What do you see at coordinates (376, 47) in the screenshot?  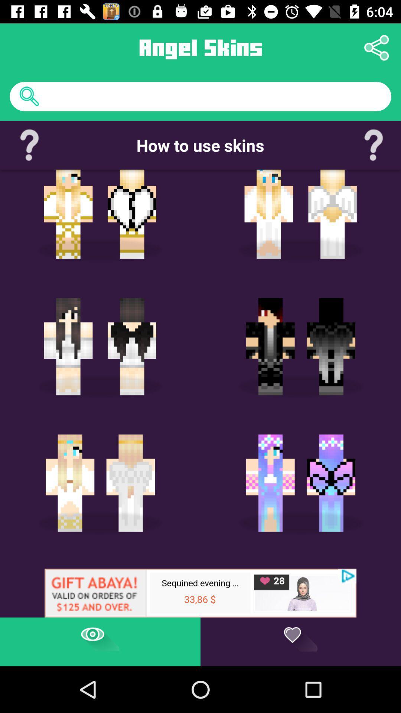 I see `the share icon` at bounding box center [376, 47].